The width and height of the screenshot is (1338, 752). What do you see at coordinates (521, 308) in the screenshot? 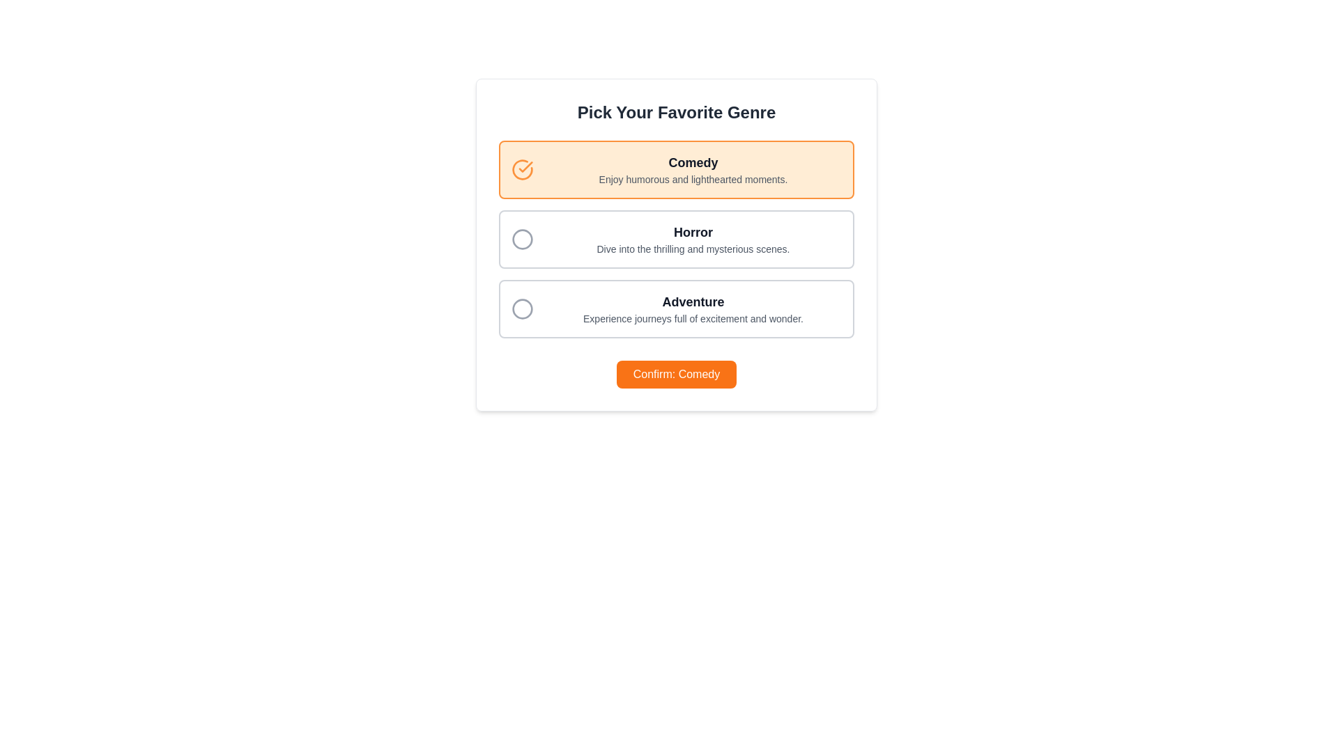
I see `the SVG Circle Graphic that represents the 'Adventure' option, located within the bottom-most item of a vertical list of selectable options` at bounding box center [521, 308].